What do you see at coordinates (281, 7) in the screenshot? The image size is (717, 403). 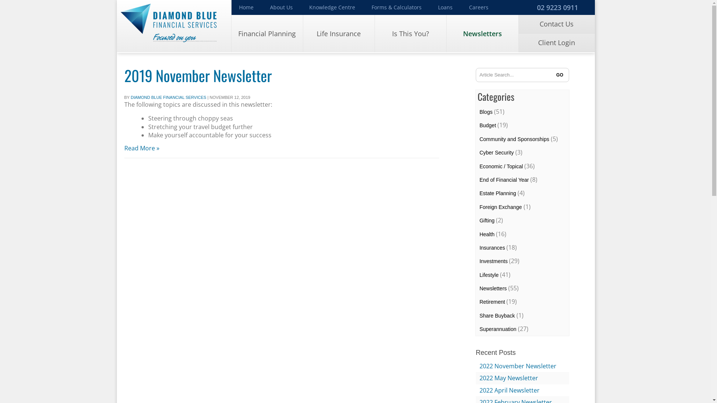 I see `'About Us'` at bounding box center [281, 7].